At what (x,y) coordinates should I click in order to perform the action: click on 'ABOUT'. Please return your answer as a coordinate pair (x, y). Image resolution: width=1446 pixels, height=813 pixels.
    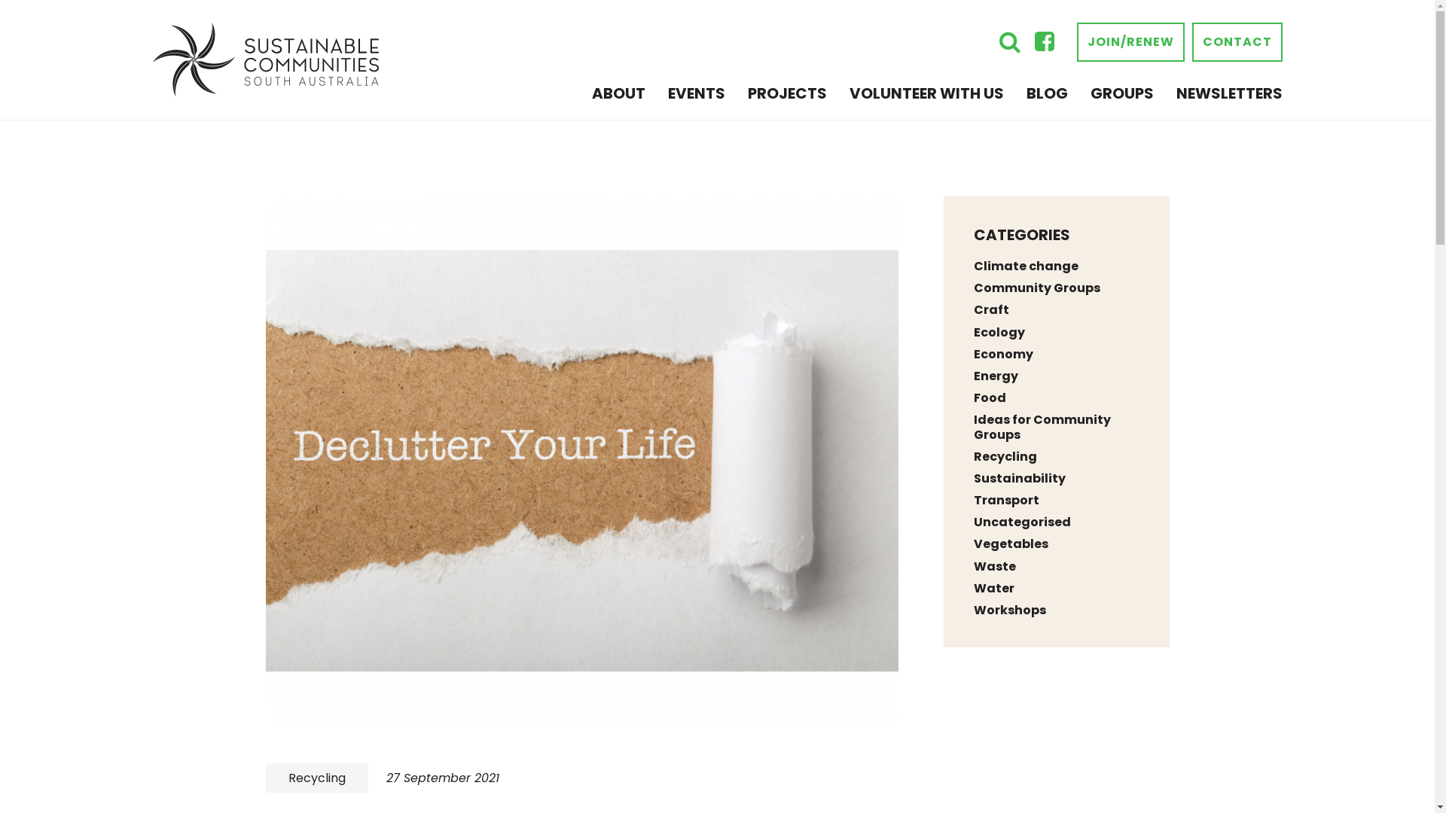
    Looking at the image, I should click on (618, 93).